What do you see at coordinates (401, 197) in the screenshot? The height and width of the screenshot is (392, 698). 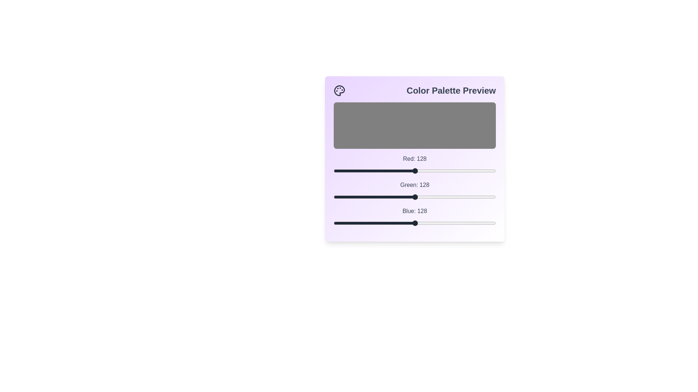 I see `the green color value` at bounding box center [401, 197].